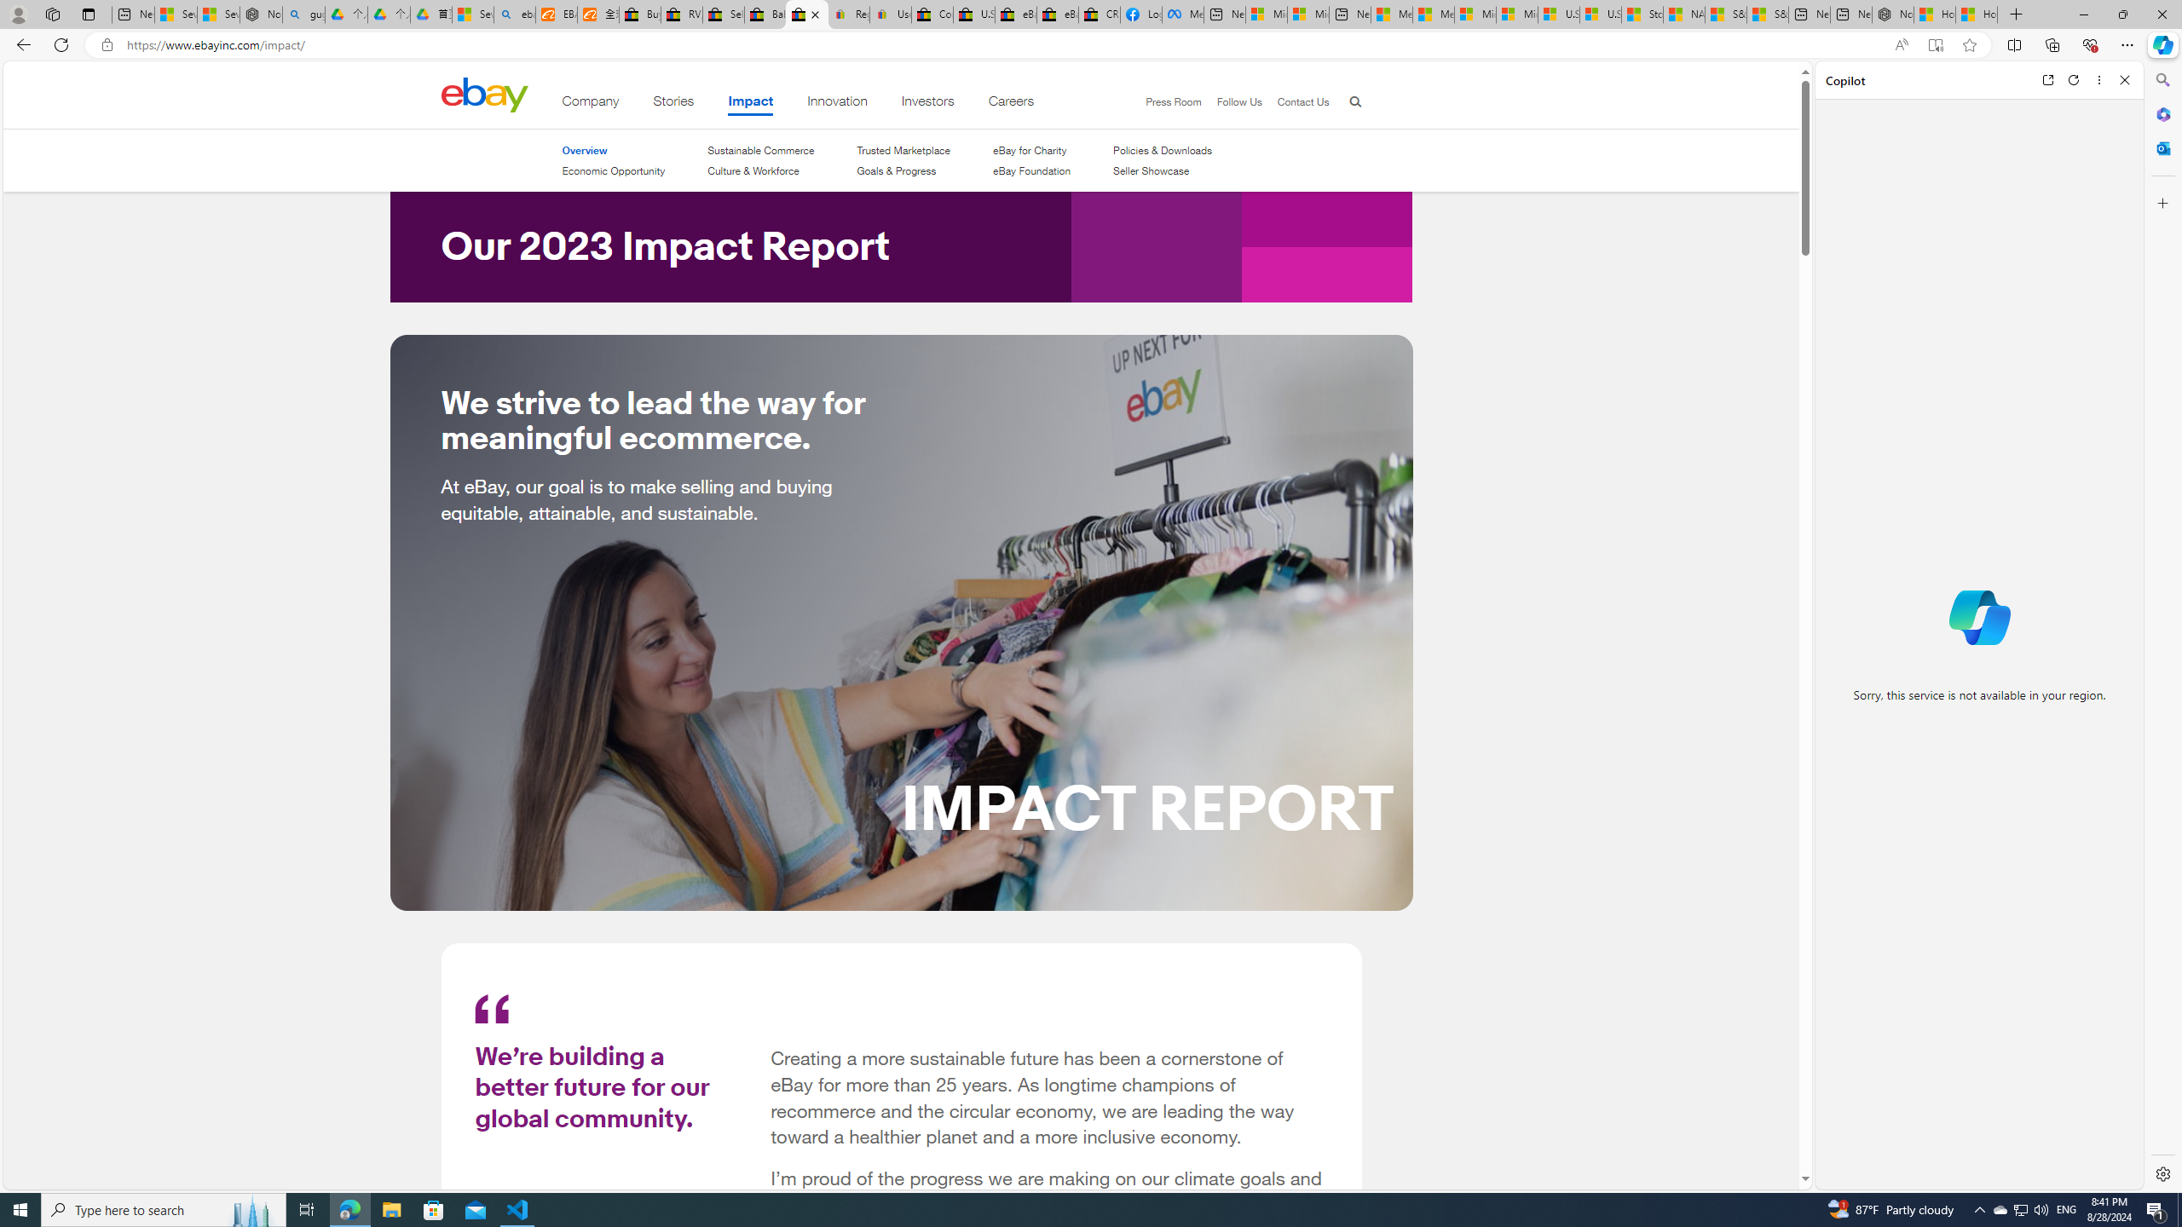 The height and width of the screenshot is (1227, 2182). Describe the element at coordinates (1011, 104) in the screenshot. I see `'Careers'` at that location.